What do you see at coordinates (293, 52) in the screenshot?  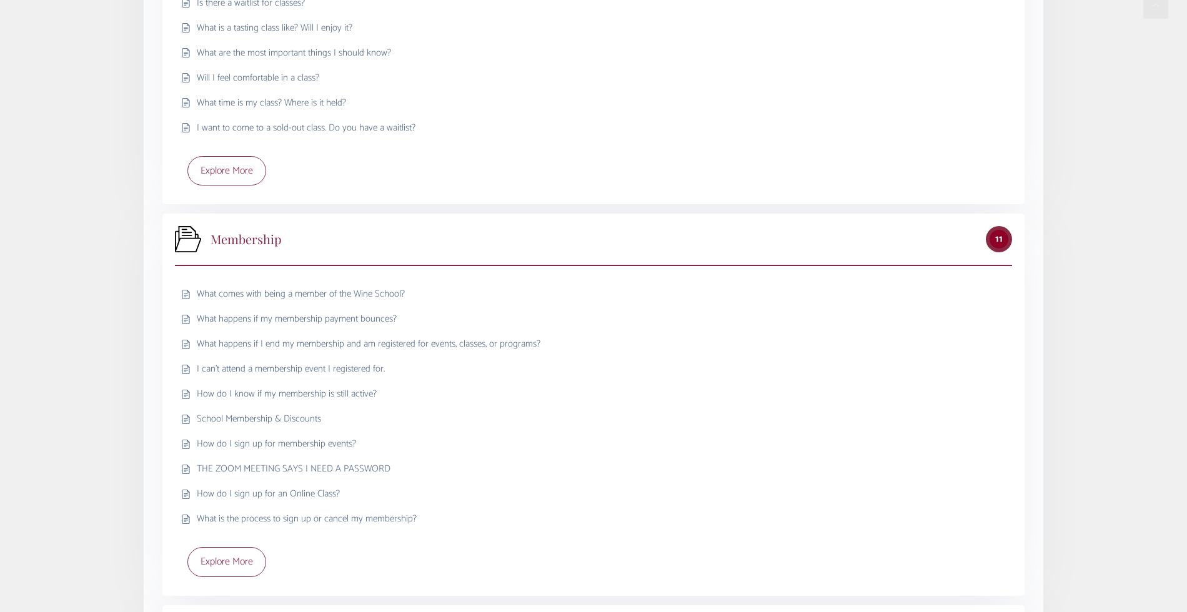 I see `'What are the most important things I should know?'` at bounding box center [293, 52].